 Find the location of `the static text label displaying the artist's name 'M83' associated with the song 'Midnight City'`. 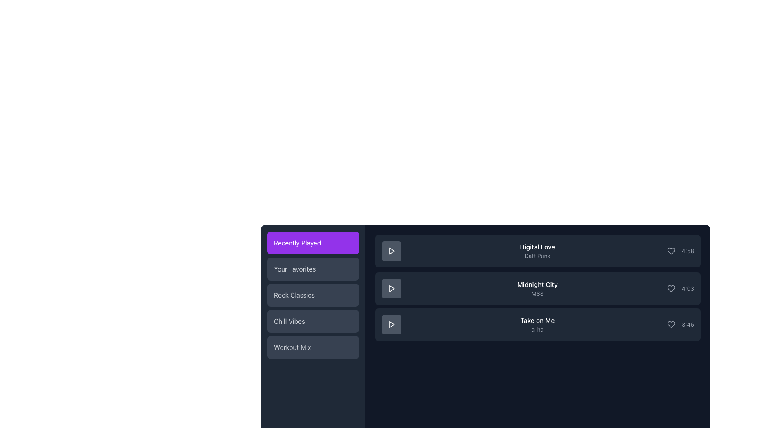

the static text label displaying the artist's name 'M83' associated with the song 'Midnight City' is located at coordinates (537, 293).